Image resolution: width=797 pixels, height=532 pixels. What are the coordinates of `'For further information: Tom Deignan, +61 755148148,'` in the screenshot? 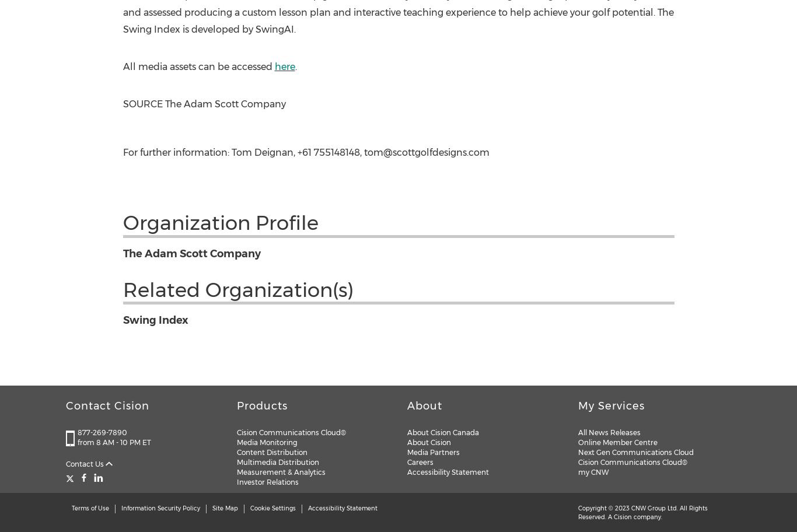 It's located at (242, 152).